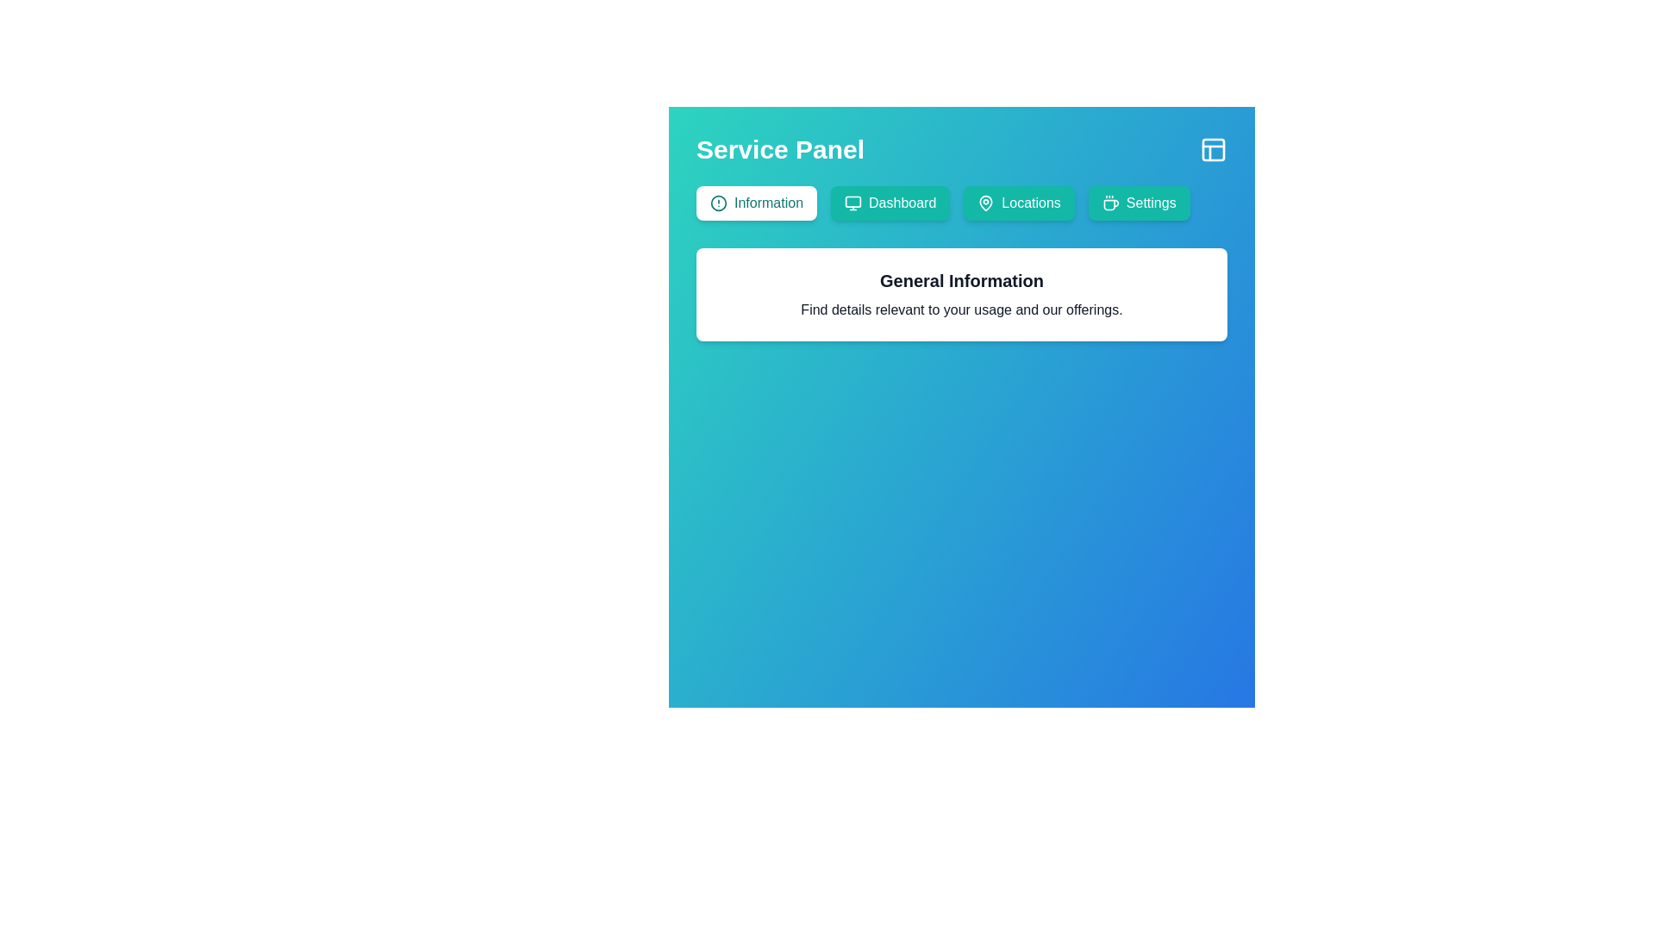  I want to click on the Settings icon located in the top navigation bar, so click(1110, 202).